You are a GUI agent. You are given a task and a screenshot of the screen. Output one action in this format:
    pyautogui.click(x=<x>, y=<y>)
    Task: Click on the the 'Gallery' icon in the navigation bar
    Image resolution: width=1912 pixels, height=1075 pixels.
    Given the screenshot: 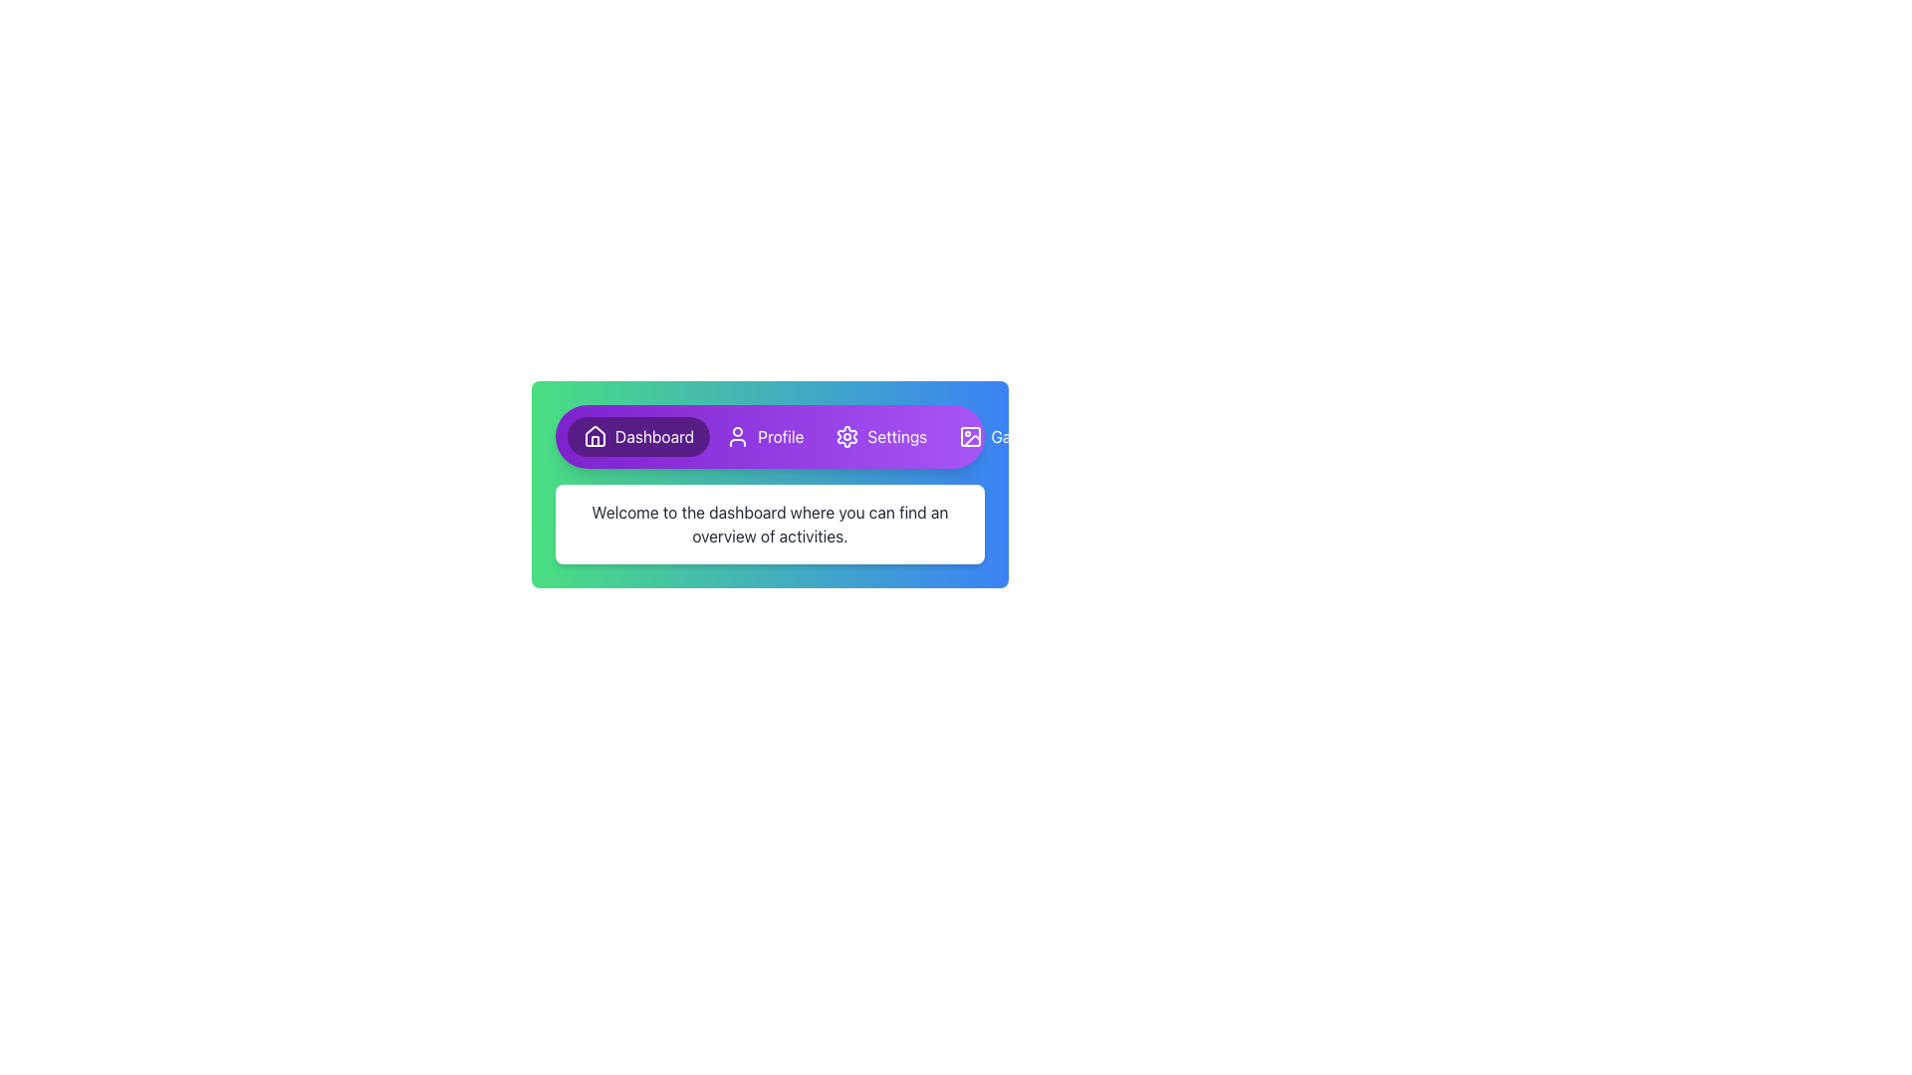 What is the action you would take?
    pyautogui.click(x=971, y=436)
    